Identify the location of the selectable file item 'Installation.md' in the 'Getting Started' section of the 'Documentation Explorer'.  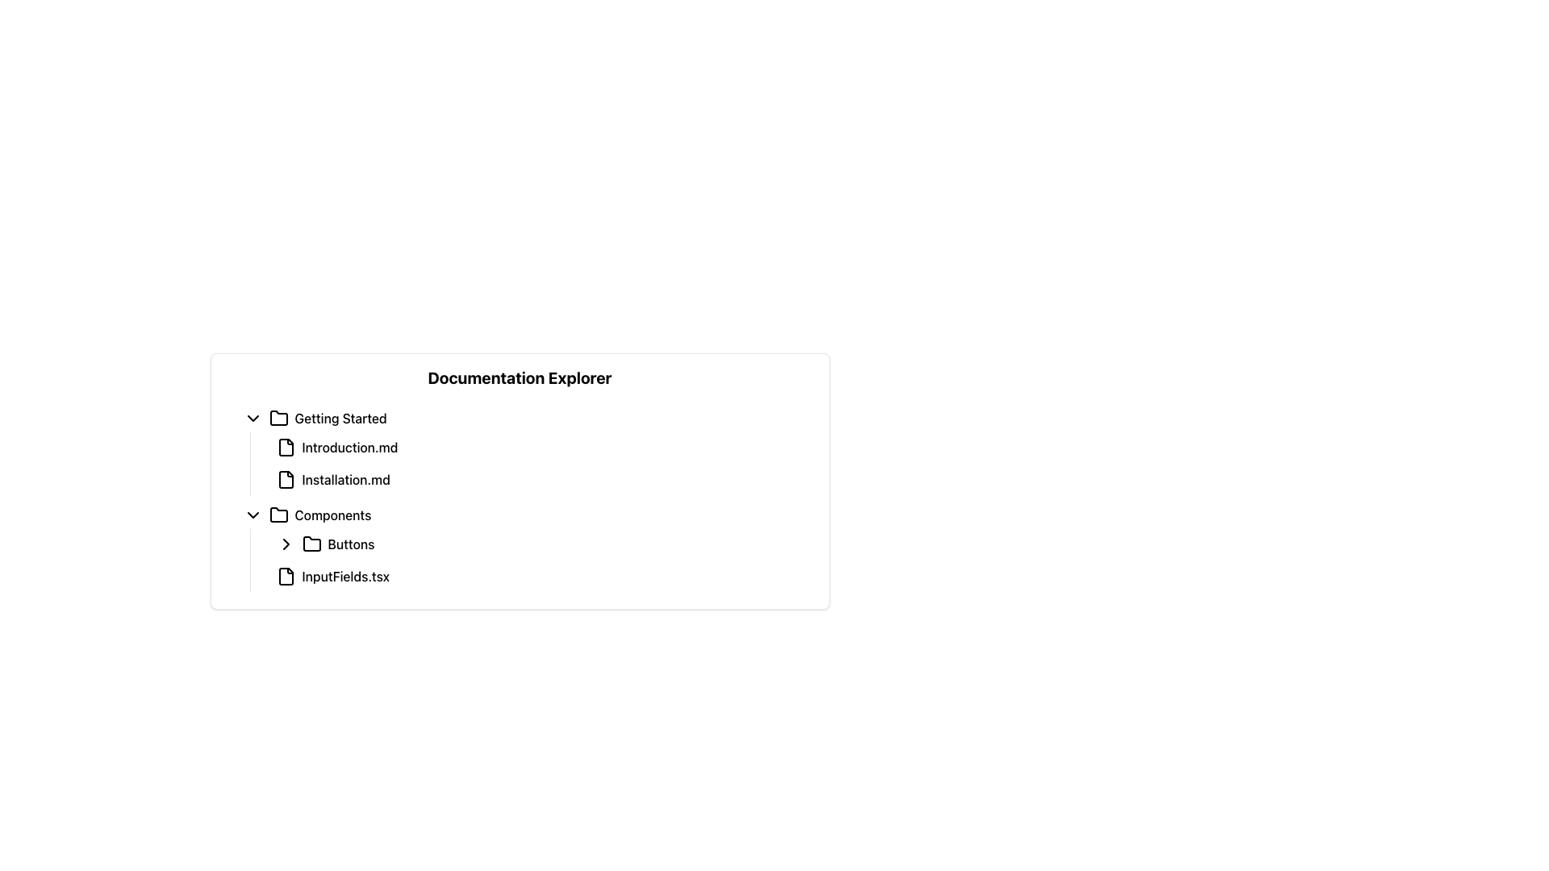
(332, 478).